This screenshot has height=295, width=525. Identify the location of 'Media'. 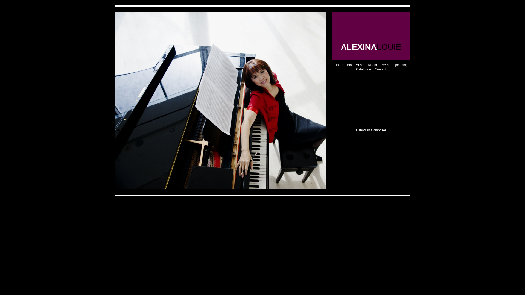
(368, 65).